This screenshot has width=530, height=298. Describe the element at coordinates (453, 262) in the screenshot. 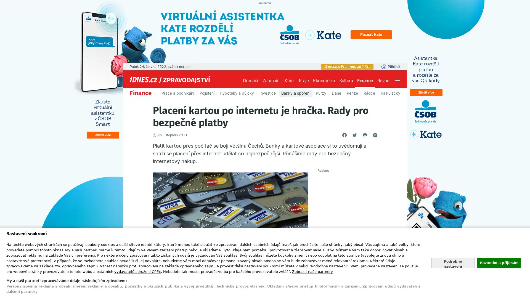

I see `Nastavte sve souhlasy` at that location.